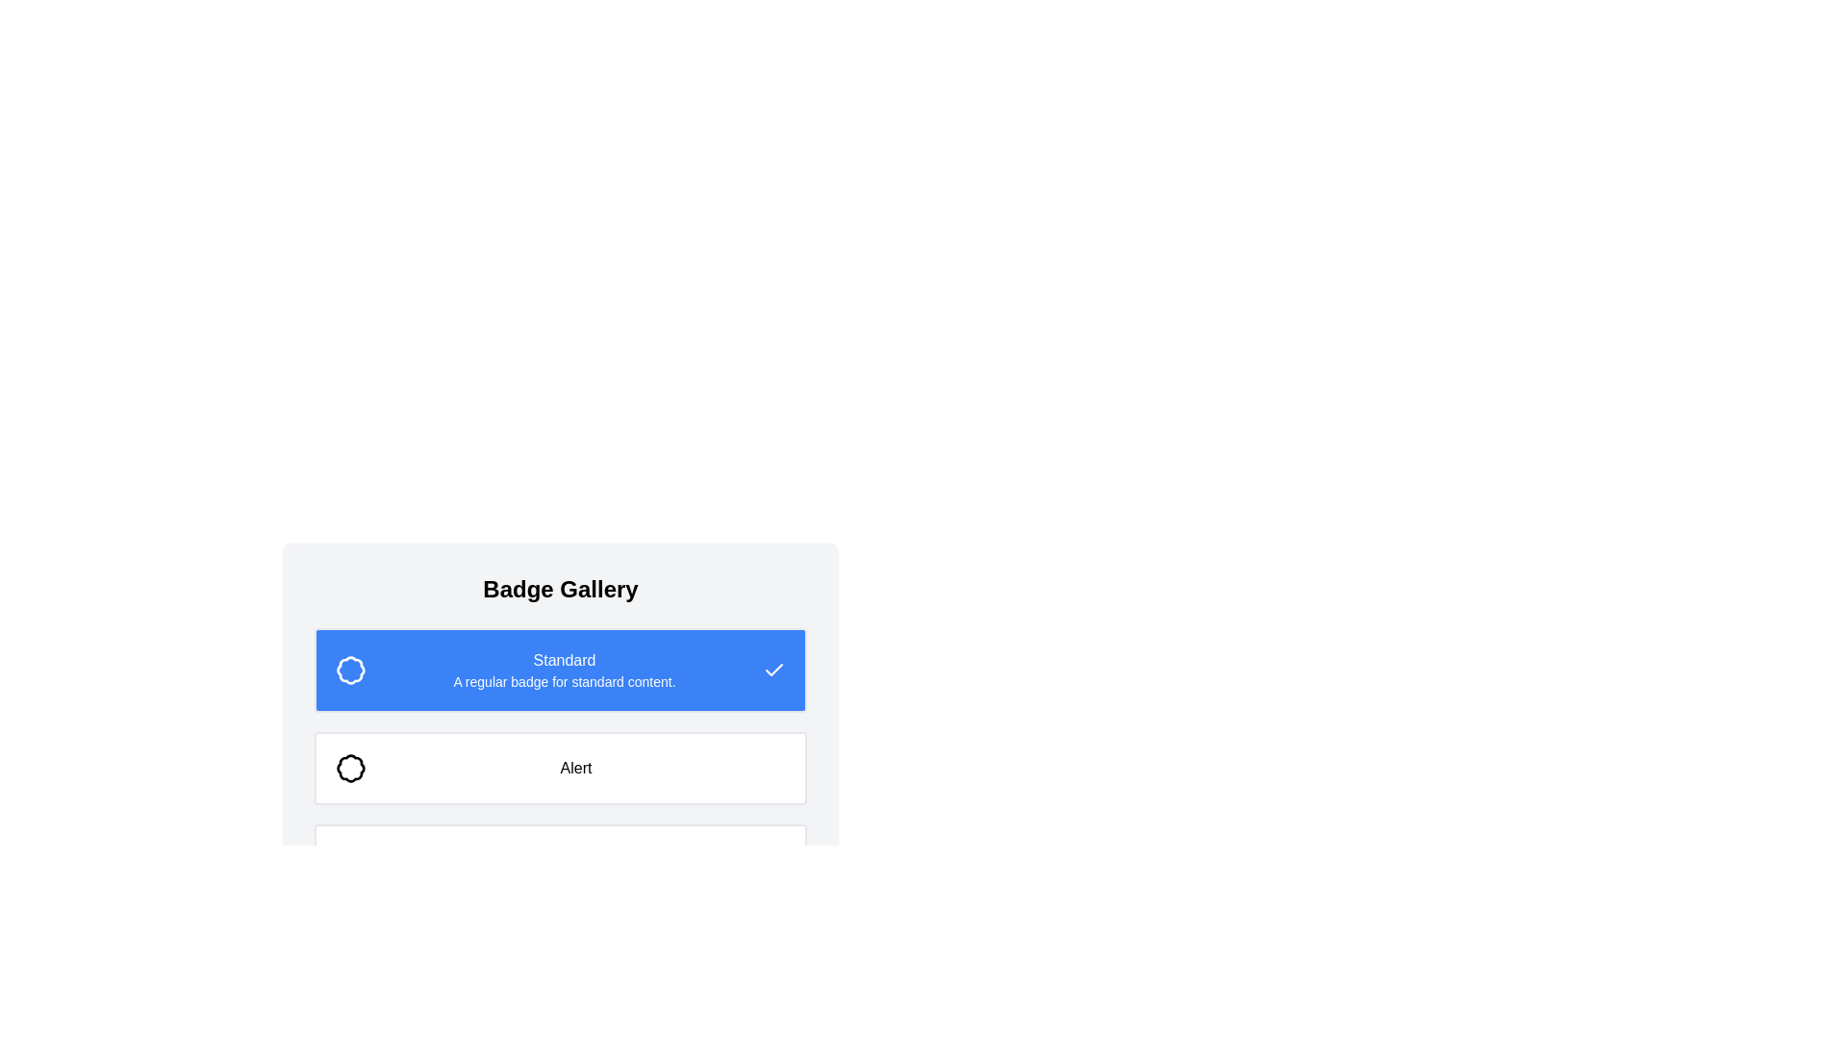 The width and height of the screenshot is (1847, 1039). Describe the element at coordinates (559, 589) in the screenshot. I see `the 'Badge Gallery' text label, which is a bold, large font label centered at the top of a gray background block` at that location.